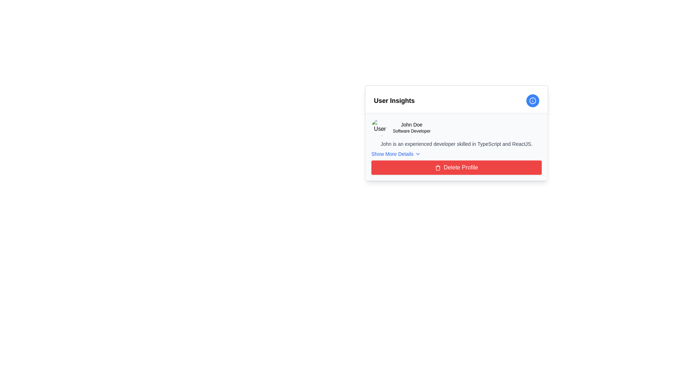  I want to click on the Composite text element displaying the user's name 'John Doe' and subtitle 'Software Developer', so click(411, 127).